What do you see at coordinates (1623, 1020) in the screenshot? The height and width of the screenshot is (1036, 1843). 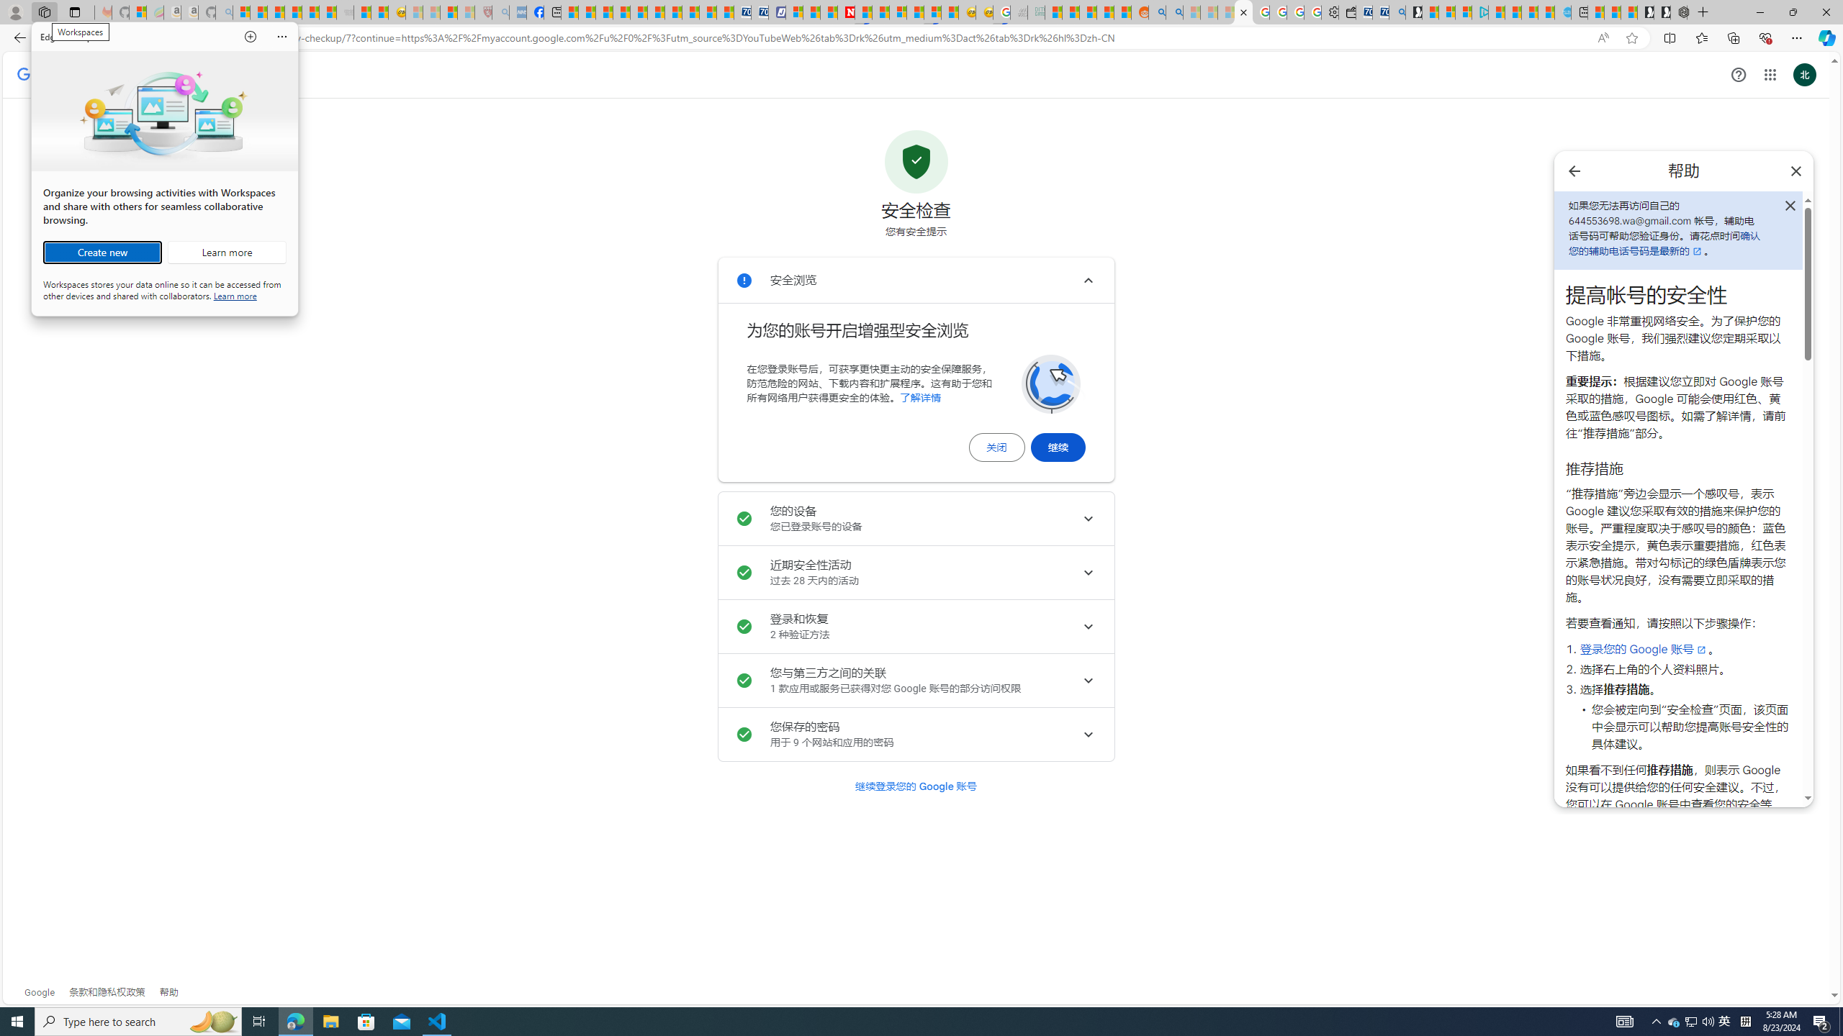 I see `'AutomationID: 4105'` at bounding box center [1623, 1020].